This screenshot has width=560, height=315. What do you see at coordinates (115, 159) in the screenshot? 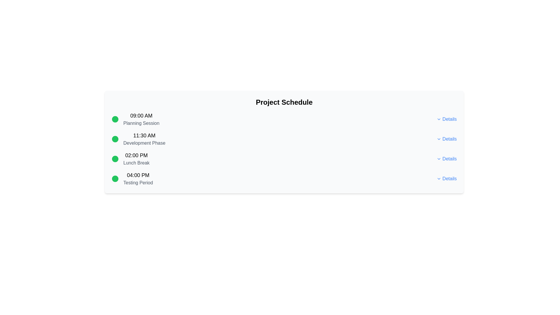
I see `the Status indicator or decorative SVG icon located to the left of the '02:00 PM Lunch Break Details' entry, which is the third circle in a vertical series of time-related entries` at bounding box center [115, 159].